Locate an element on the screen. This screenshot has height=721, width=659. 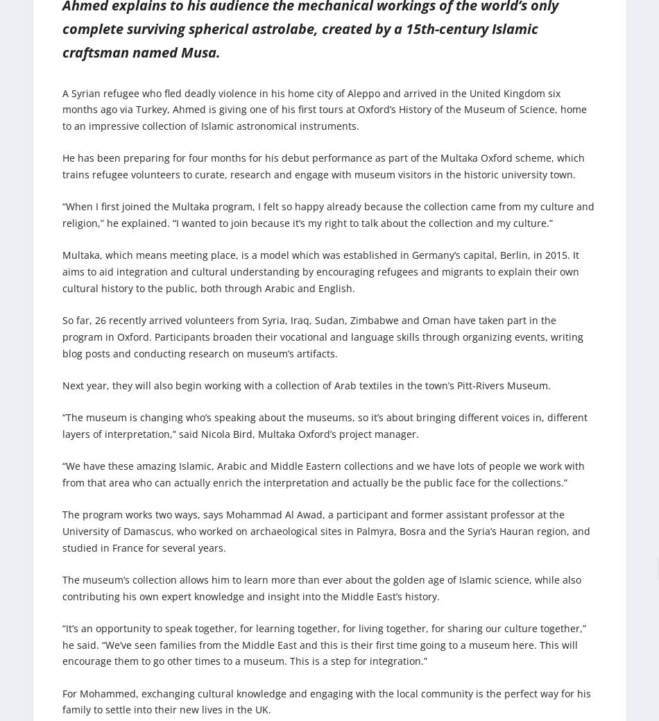
'Next year, they will also begin working with a collection of Arab textiles in the town’s Pitt-Rivers Museum.' is located at coordinates (306, 384).